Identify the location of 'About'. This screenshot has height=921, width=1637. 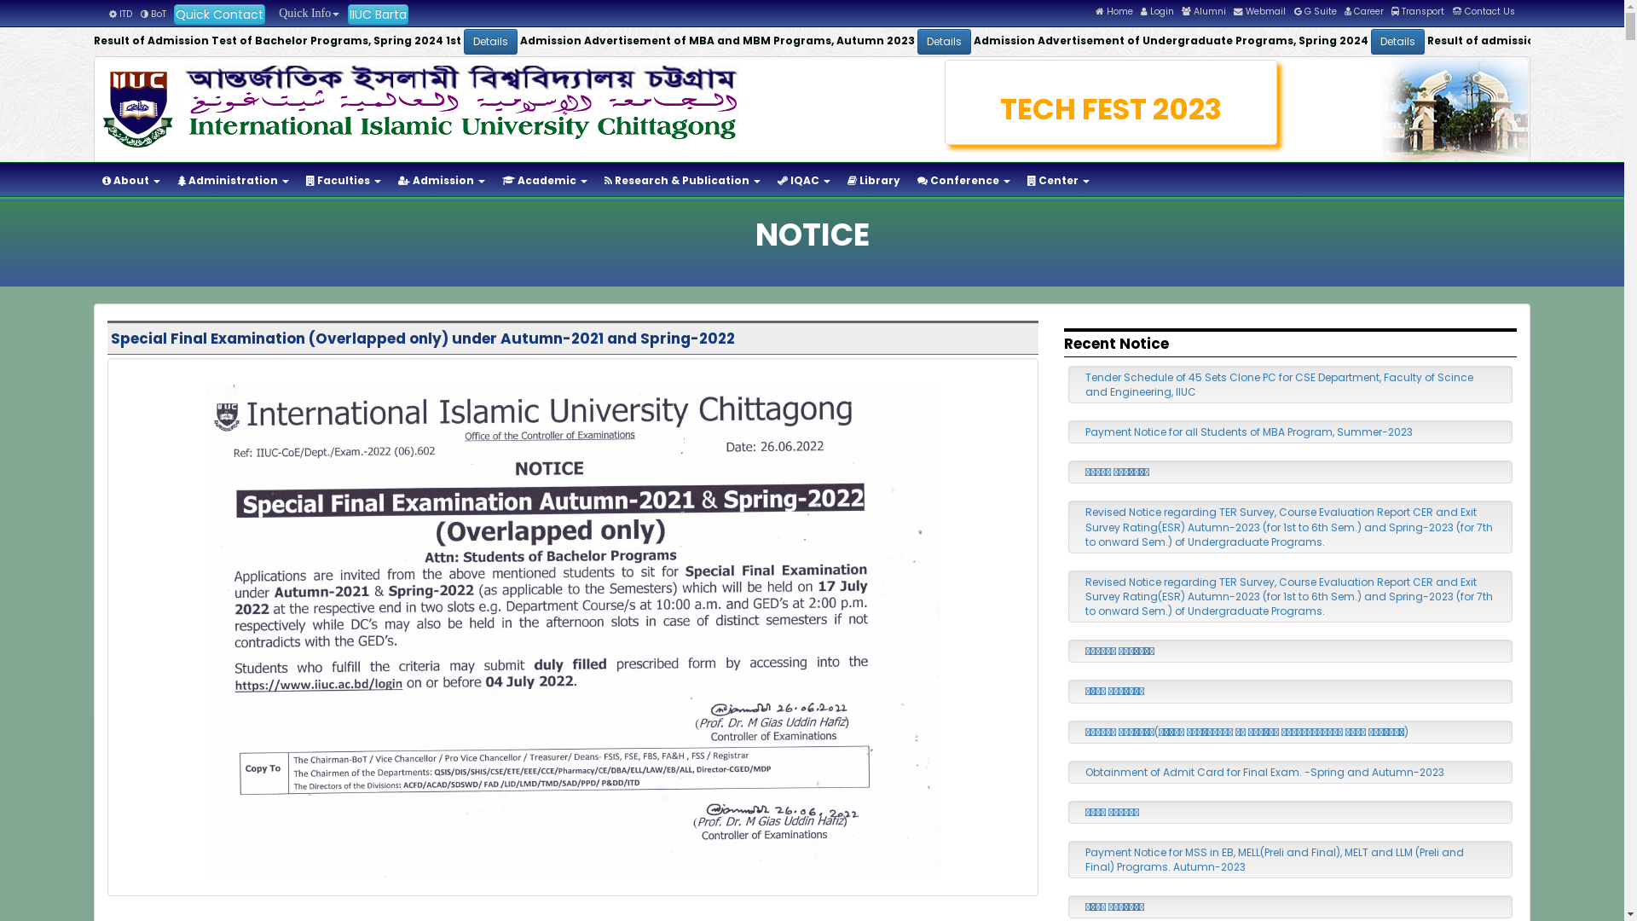
(130, 181).